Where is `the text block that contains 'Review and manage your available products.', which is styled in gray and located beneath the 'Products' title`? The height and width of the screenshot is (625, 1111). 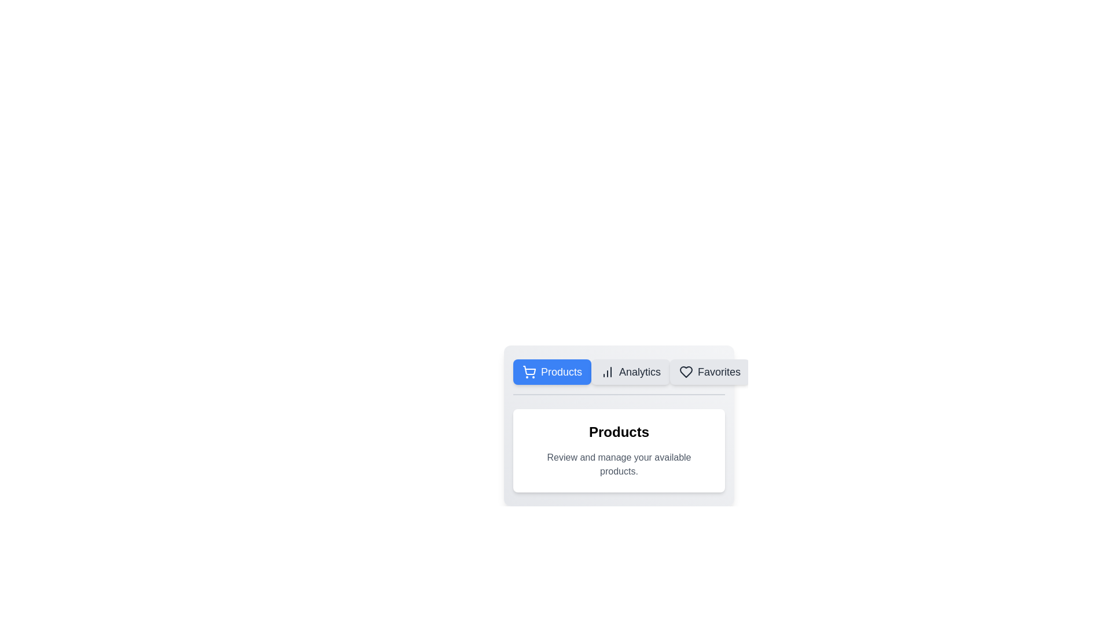 the text block that contains 'Review and manage your available products.', which is styled in gray and located beneath the 'Products' title is located at coordinates (619, 464).